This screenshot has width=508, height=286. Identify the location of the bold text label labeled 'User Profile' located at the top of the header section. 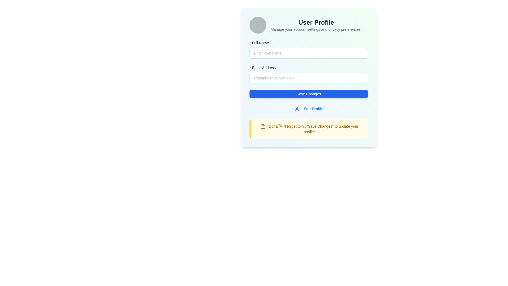
(316, 22).